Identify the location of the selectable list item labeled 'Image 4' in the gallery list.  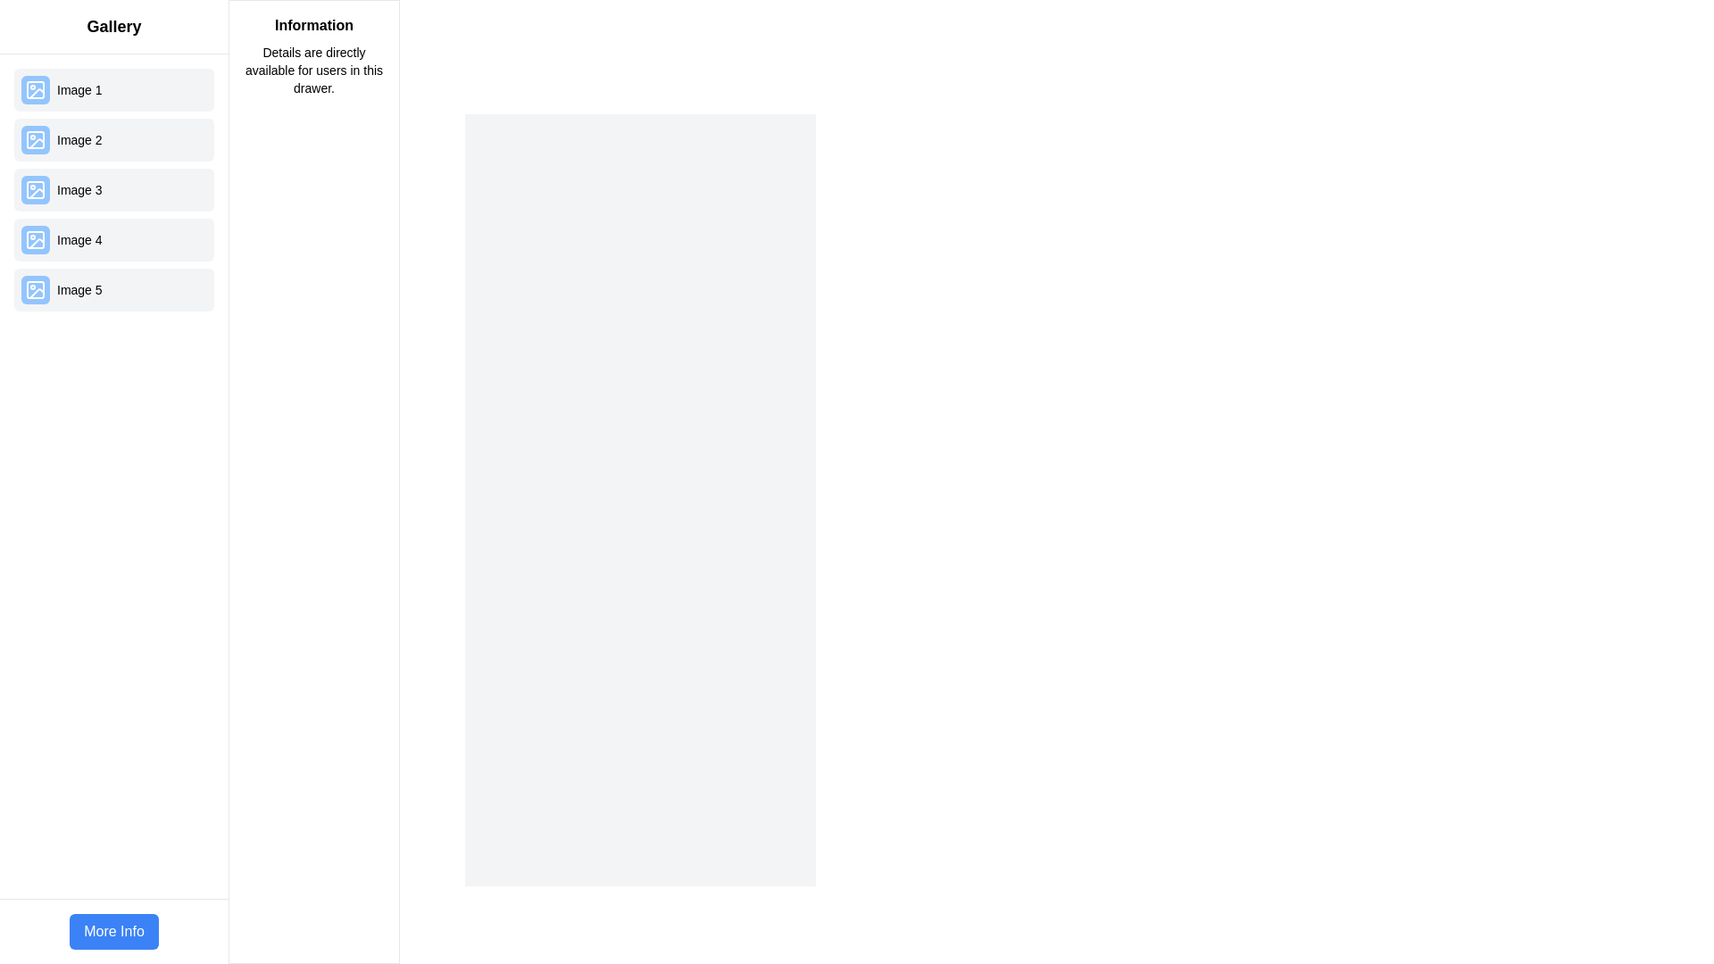
(113, 239).